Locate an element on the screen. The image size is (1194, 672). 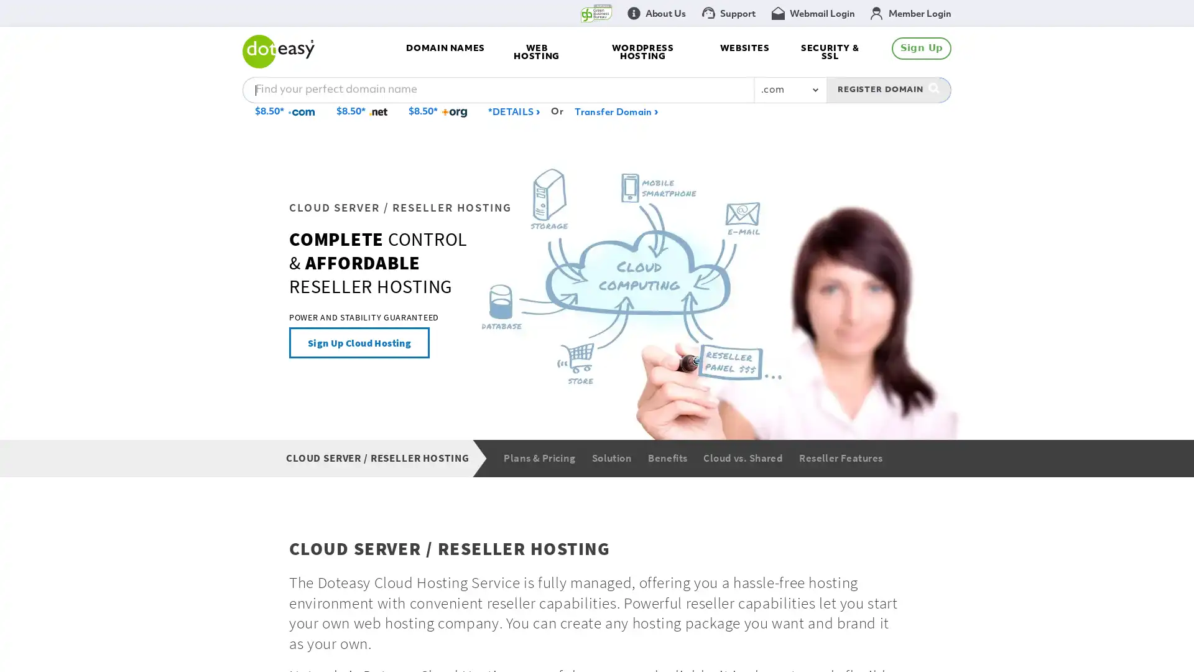
REGISTER DOMAIN is located at coordinates (888, 90).